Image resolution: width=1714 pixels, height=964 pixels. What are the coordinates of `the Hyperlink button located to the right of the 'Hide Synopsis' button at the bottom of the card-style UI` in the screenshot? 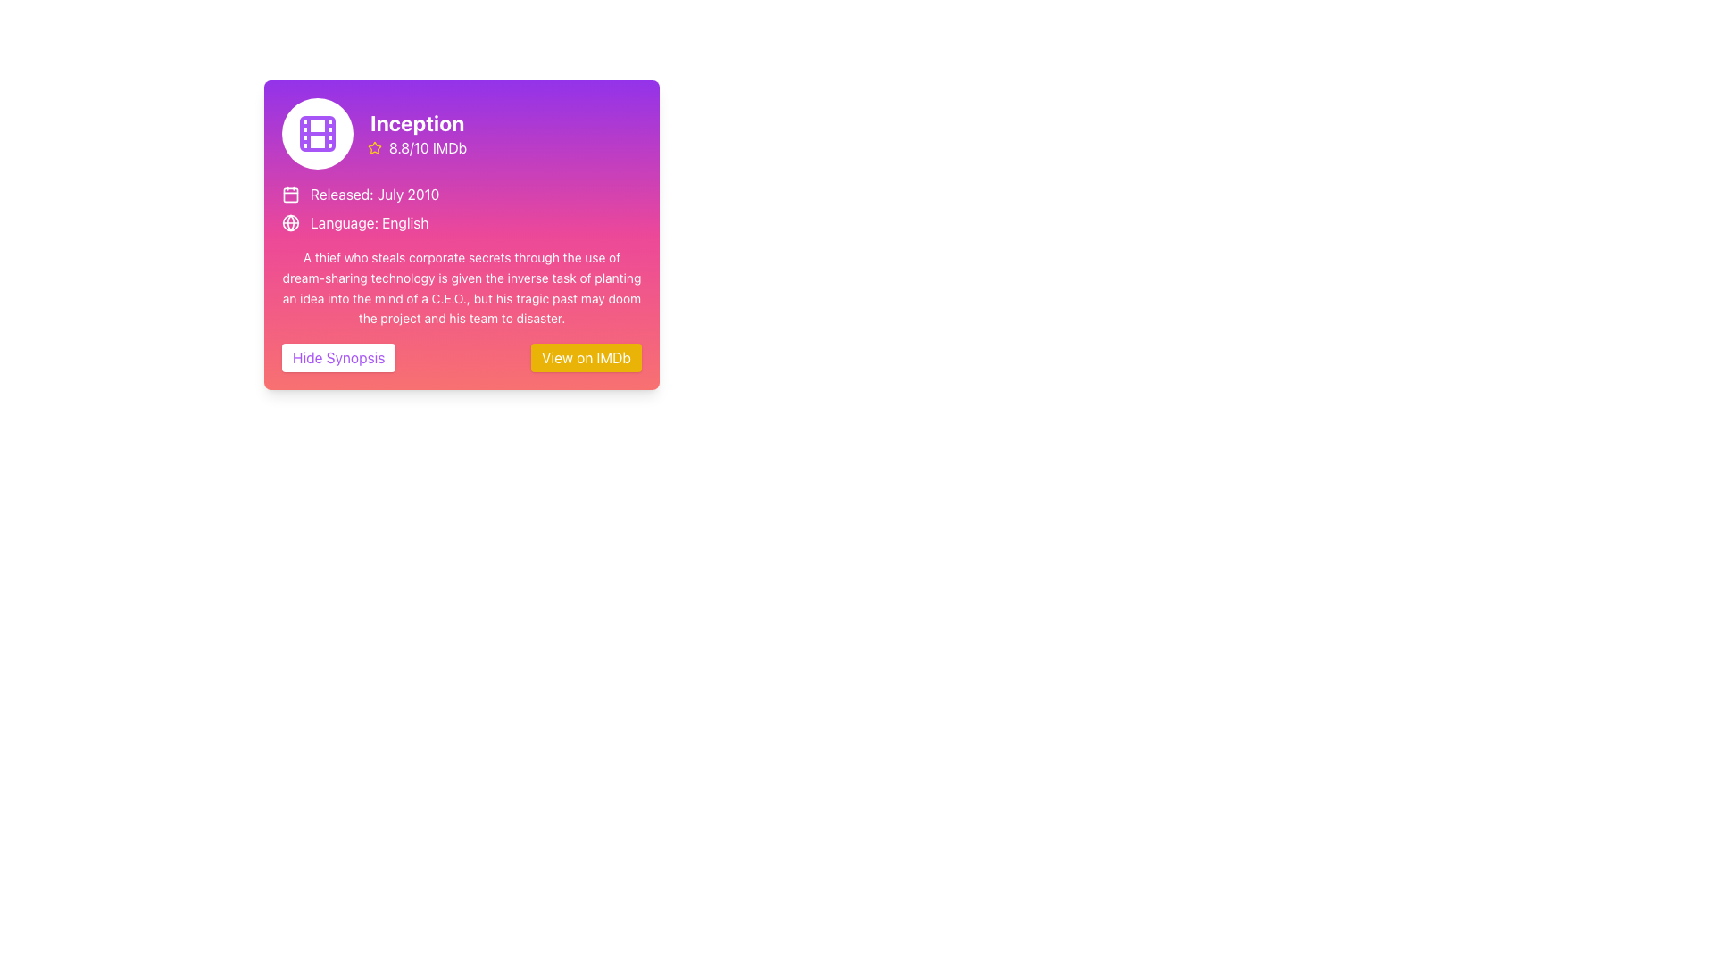 It's located at (587, 358).